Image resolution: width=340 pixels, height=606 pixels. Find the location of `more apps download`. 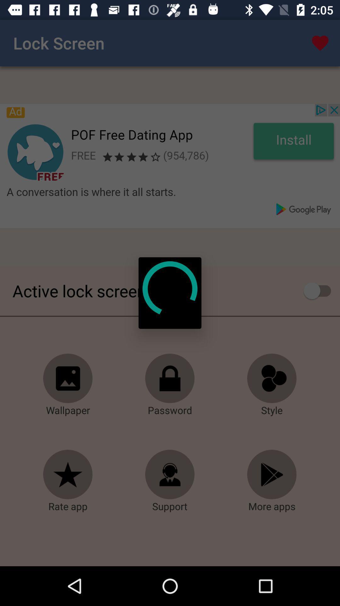

more apps download is located at coordinates (272, 474).